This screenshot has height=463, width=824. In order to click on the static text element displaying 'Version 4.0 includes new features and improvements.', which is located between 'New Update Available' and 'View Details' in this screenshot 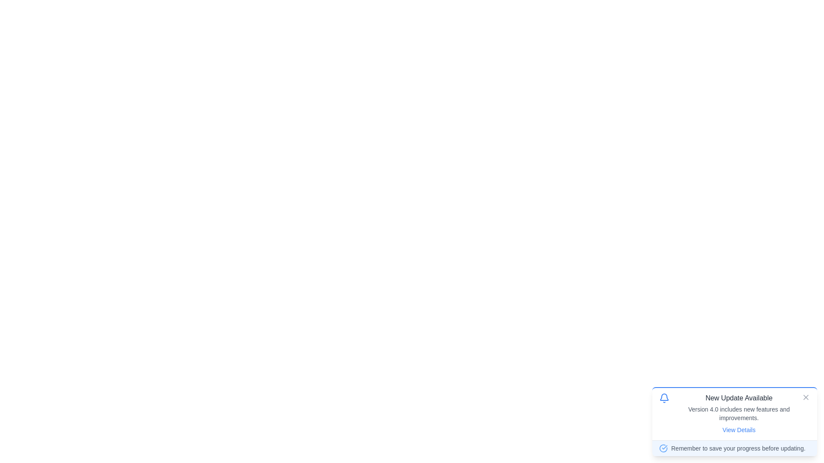, I will do `click(739, 413)`.